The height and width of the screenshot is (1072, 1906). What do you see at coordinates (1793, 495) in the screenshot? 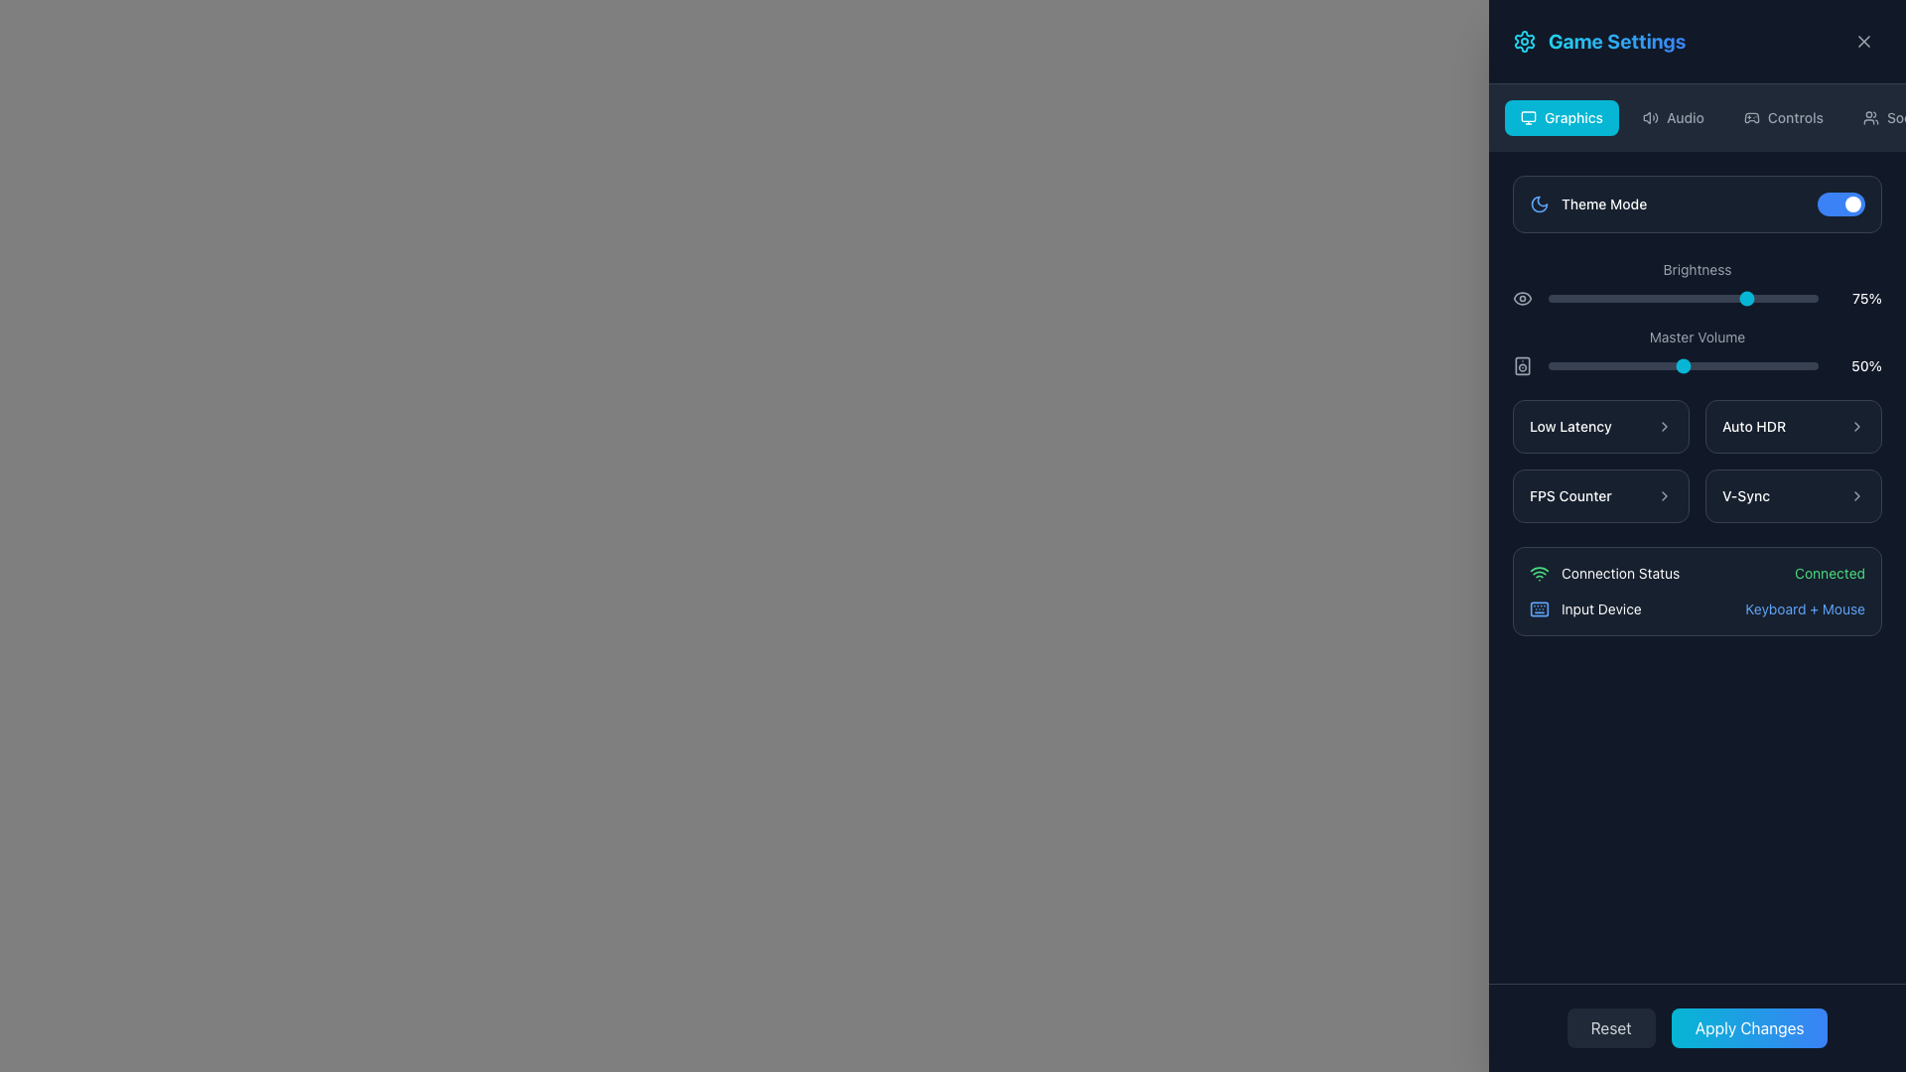
I see `the selectable 'V-Sync' option button located in the bottom-right section of the interface, below the 'FPS Counter' button` at bounding box center [1793, 495].